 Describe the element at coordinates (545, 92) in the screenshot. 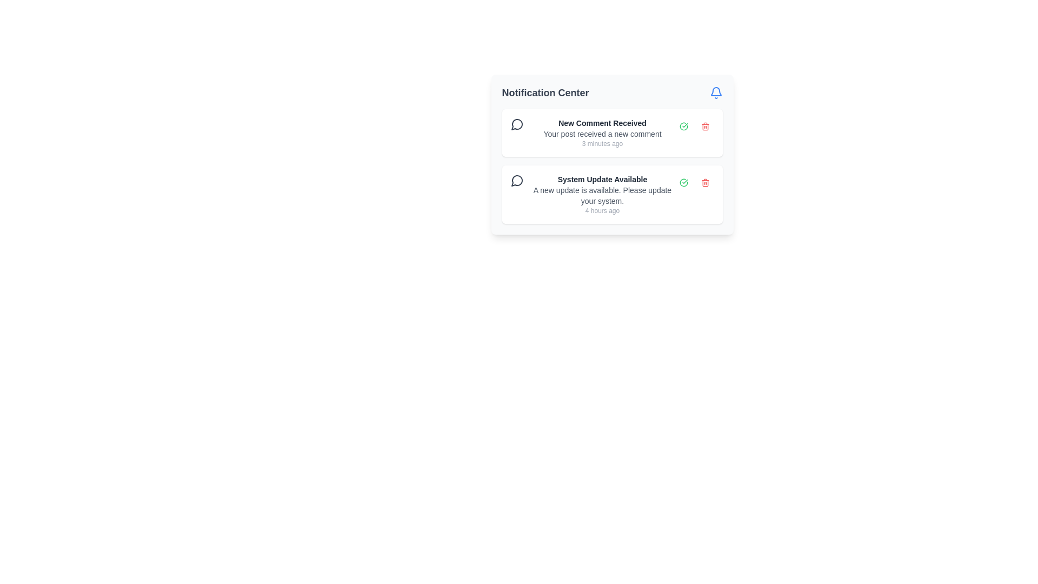

I see `text label titled 'Notification Center' which is displayed in bold, dark gray at the top of the notification panel` at that location.